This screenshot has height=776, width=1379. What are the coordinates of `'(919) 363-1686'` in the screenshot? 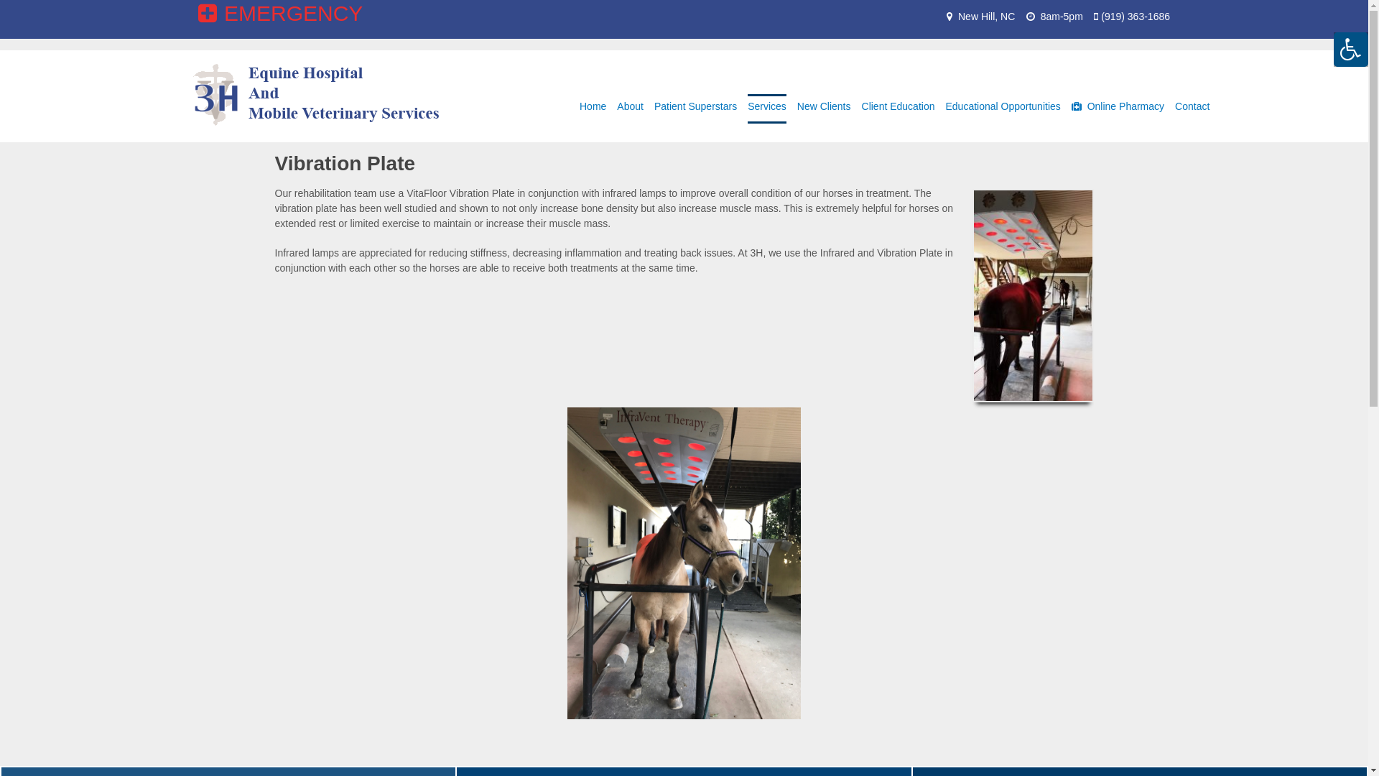 It's located at (1134, 17).